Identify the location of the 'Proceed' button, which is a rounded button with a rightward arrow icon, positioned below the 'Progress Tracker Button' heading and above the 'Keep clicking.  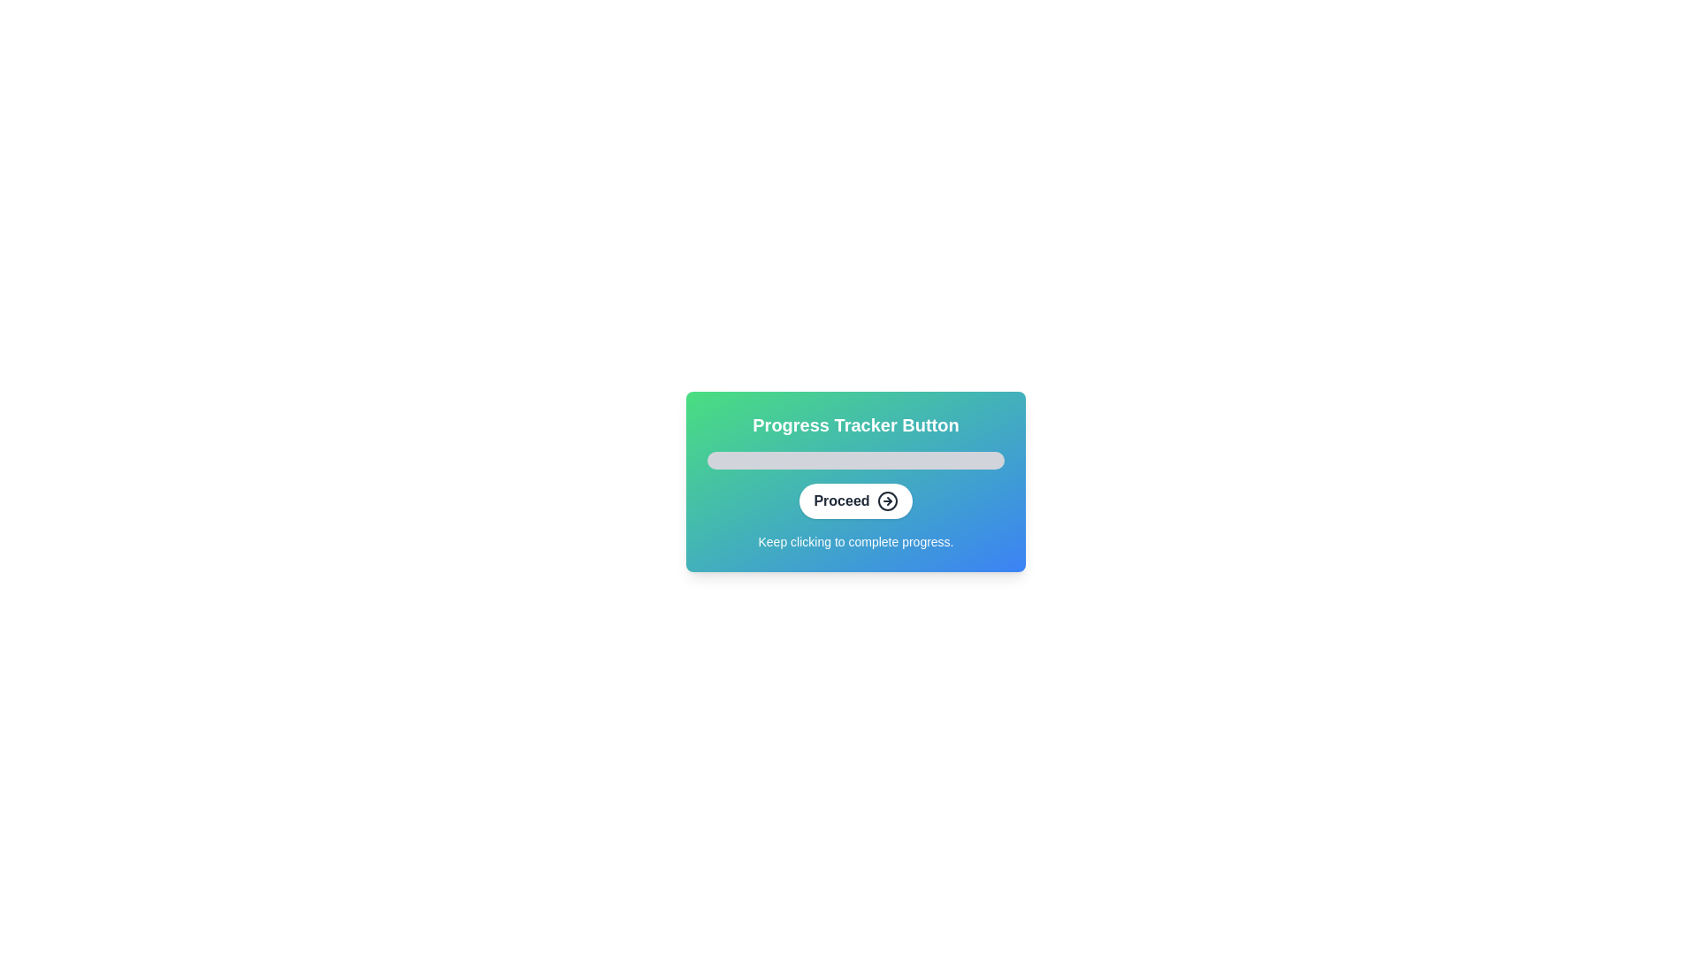
(856, 501).